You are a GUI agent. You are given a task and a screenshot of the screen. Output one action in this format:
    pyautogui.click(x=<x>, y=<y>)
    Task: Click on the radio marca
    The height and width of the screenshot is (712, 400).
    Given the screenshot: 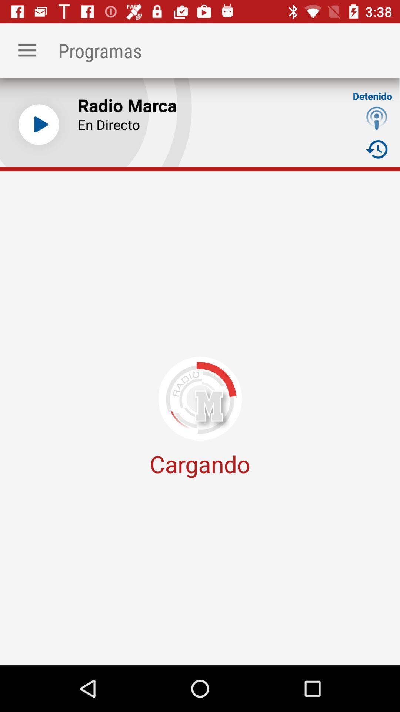 What is the action you would take?
    pyautogui.click(x=39, y=125)
    